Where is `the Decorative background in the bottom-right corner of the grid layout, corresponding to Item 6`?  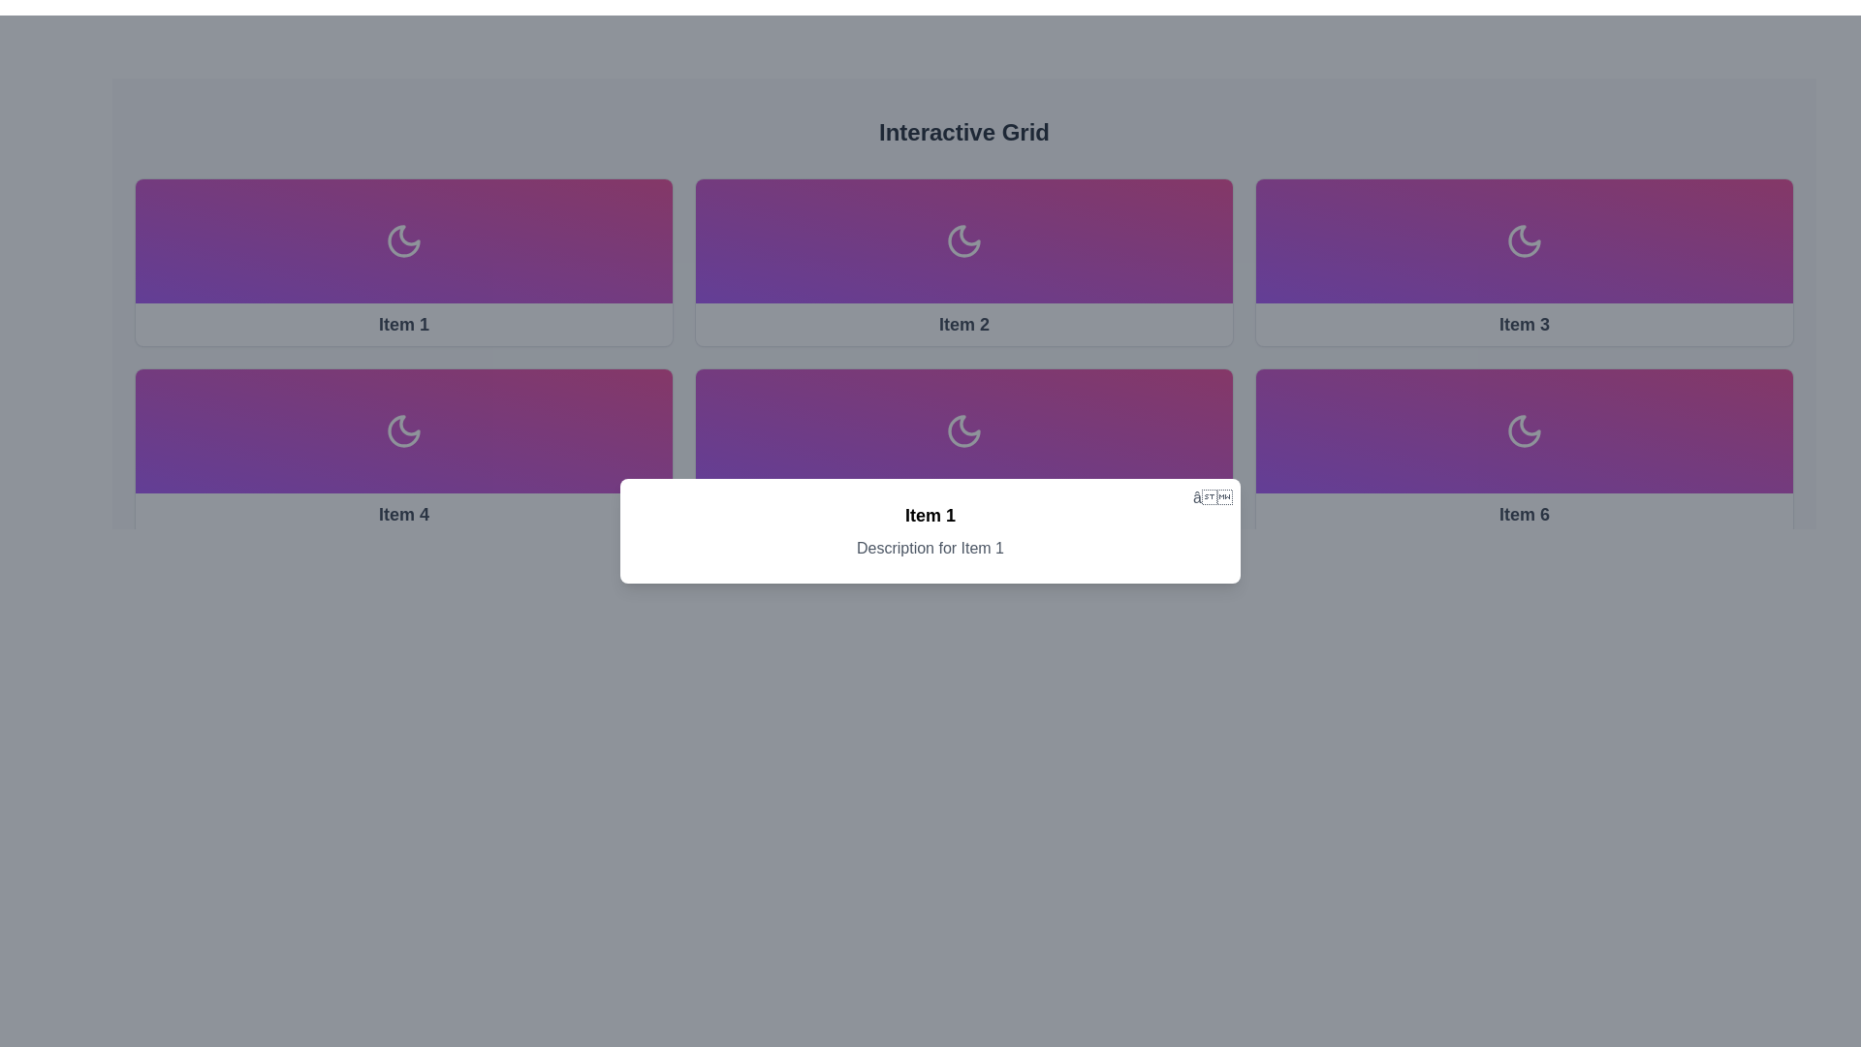
the Decorative background in the bottom-right corner of the grid layout, corresponding to Item 6 is located at coordinates (1524, 429).